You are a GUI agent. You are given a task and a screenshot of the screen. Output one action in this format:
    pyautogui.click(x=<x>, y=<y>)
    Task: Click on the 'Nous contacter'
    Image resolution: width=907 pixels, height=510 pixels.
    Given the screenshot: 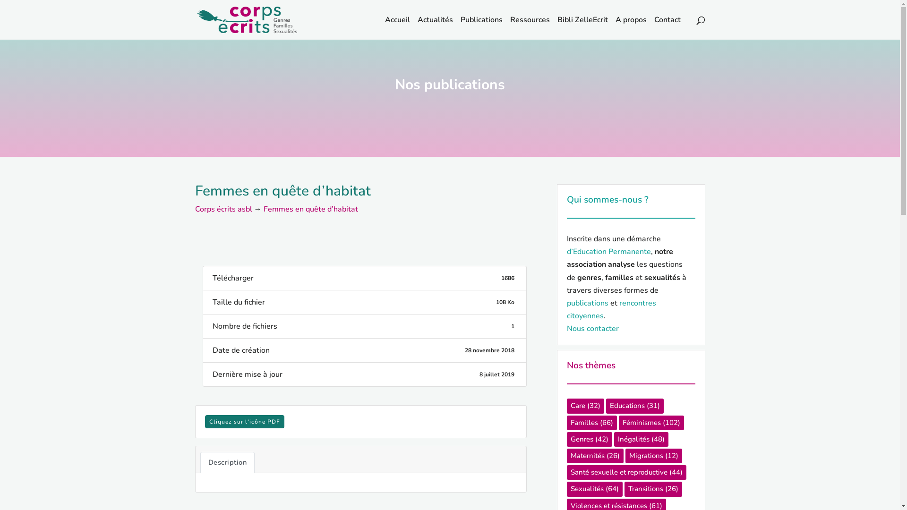 What is the action you would take?
    pyautogui.click(x=592, y=328)
    